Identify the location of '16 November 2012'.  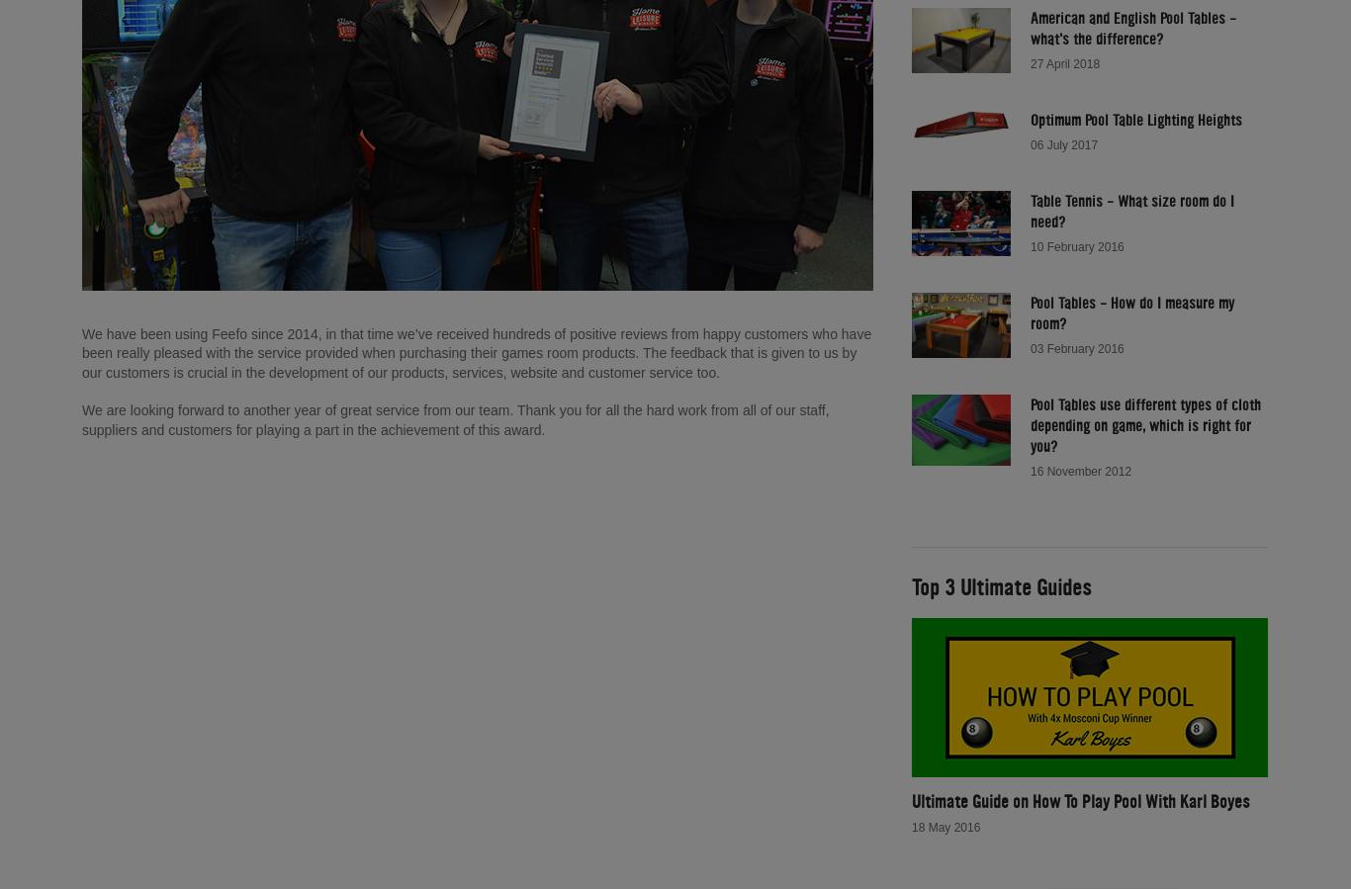
(1079, 471).